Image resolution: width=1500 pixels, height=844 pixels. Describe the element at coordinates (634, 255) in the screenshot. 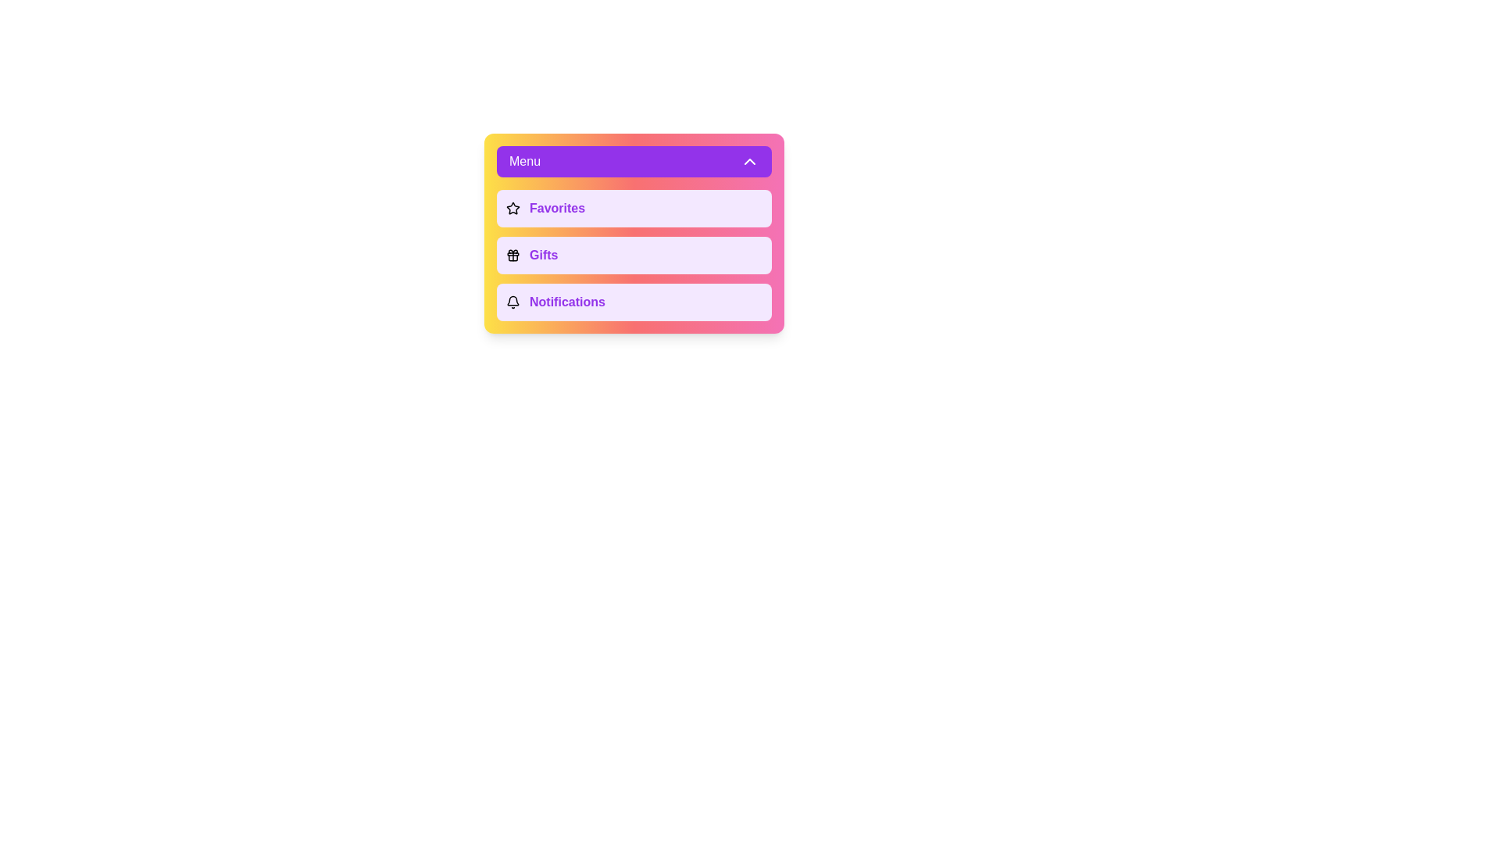

I see `the menu option Gifts to see its hover effect` at that location.